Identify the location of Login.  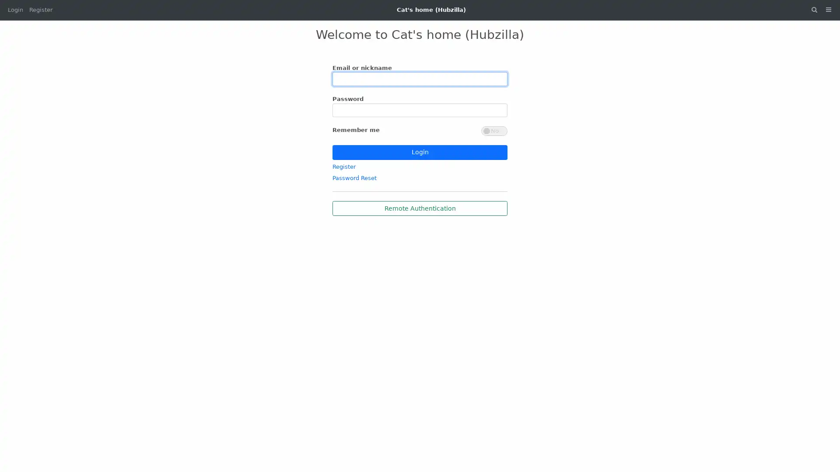
(420, 152).